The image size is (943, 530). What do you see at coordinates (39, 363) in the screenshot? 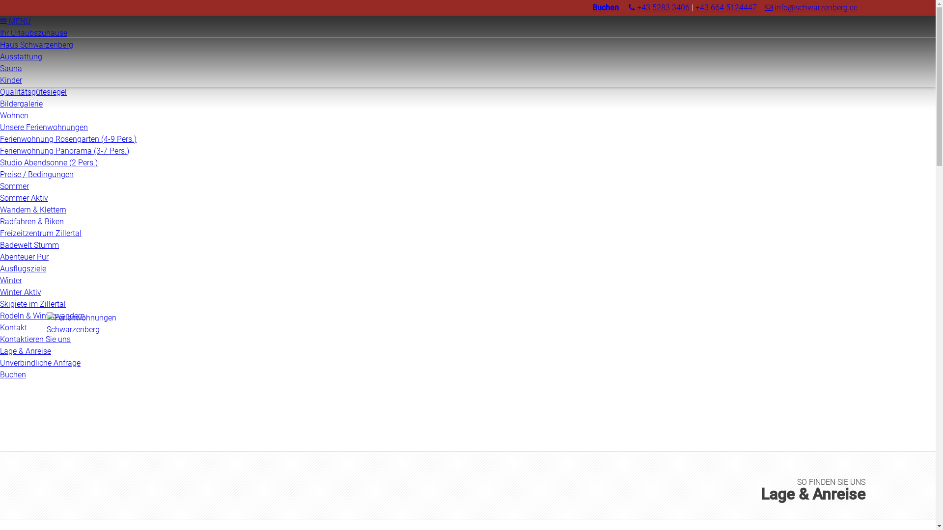
I see `'Unverbindliche Anfrage'` at bounding box center [39, 363].